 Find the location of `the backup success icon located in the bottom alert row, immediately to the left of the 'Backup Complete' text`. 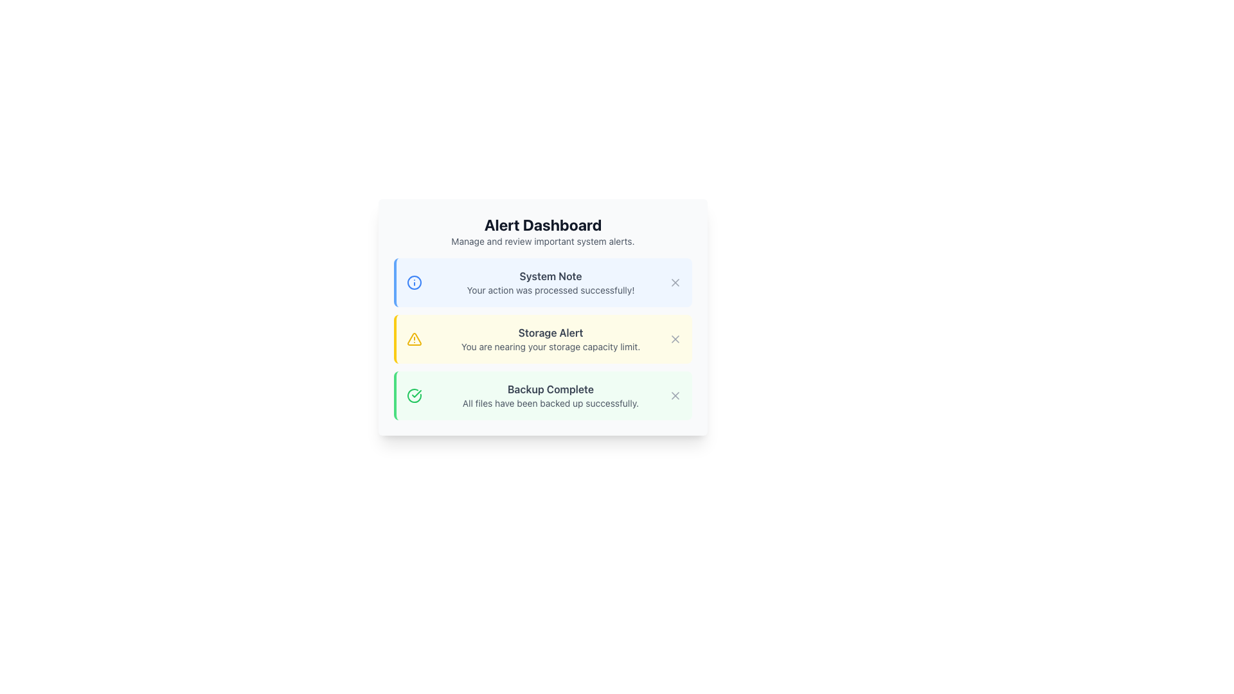

the backup success icon located in the bottom alert row, immediately to the left of the 'Backup Complete' text is located at coordinates (414, 395).